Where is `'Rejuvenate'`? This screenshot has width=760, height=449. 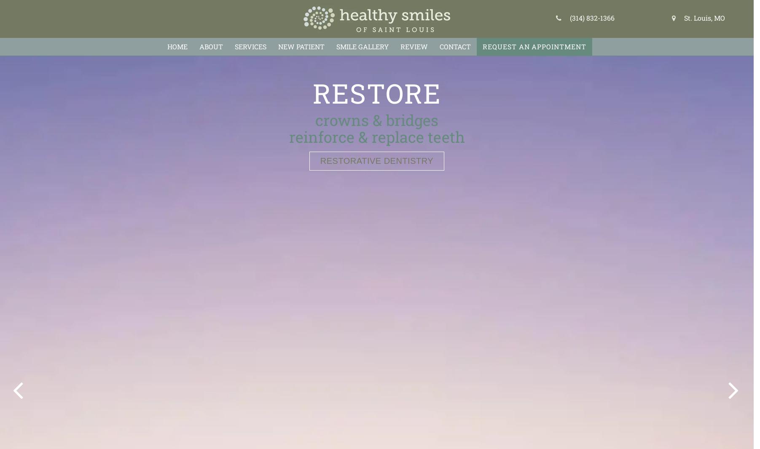
'Rejuvenate' is located at coordinates (376, 92).